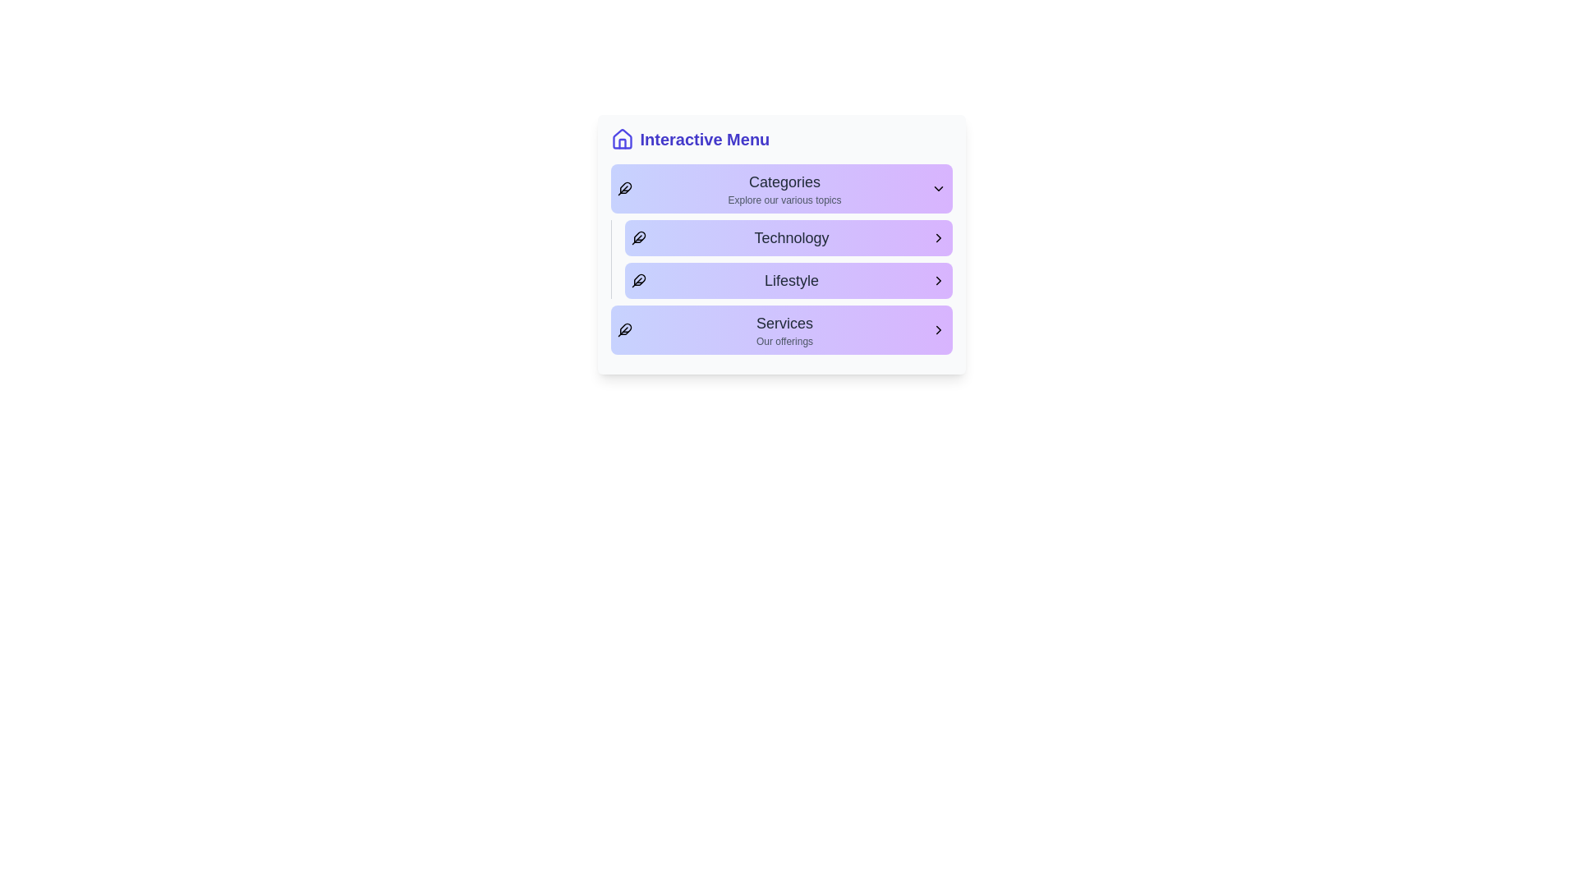 The height and width of the screenshot is (887, 1577). What do you see at coordinates (938, 329) in the screenshot?
I see `the small triangular arrow indicator located to the far-right of the 'Services' menu item in the purple gradient side menu interface` at bounding box center [938, 329].